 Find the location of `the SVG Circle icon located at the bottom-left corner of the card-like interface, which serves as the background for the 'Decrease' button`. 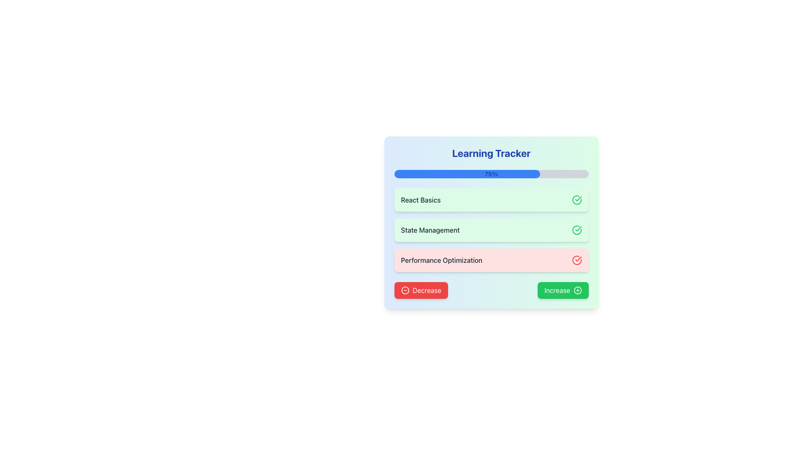

the SVG Circle icon located at the bottom-left corner of the card-like interface, which serves as the background for the 'Decrease' button is located at coordinates (405, 290).